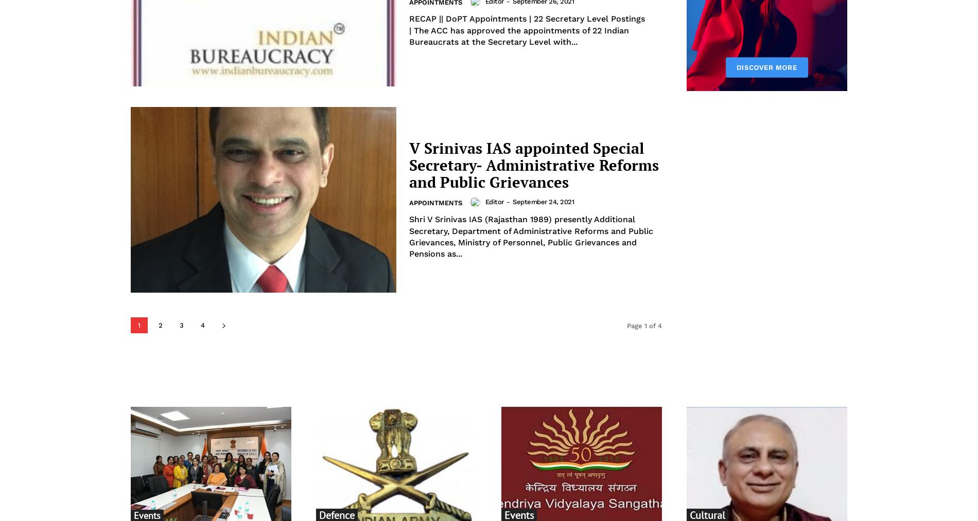  Describe the element at coordinates (643, 325) in the screenshot. I see `'Page 1 of 4'` at that location.